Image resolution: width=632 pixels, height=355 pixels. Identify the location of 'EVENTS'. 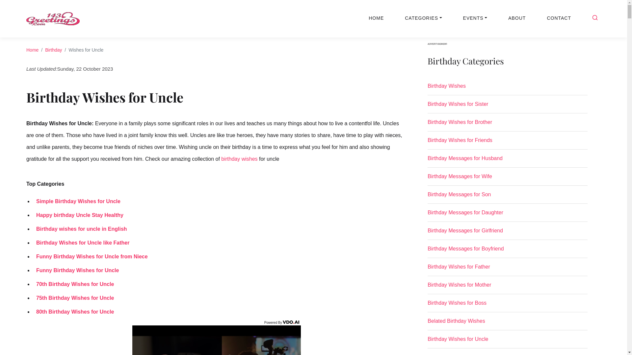
(475, 18).